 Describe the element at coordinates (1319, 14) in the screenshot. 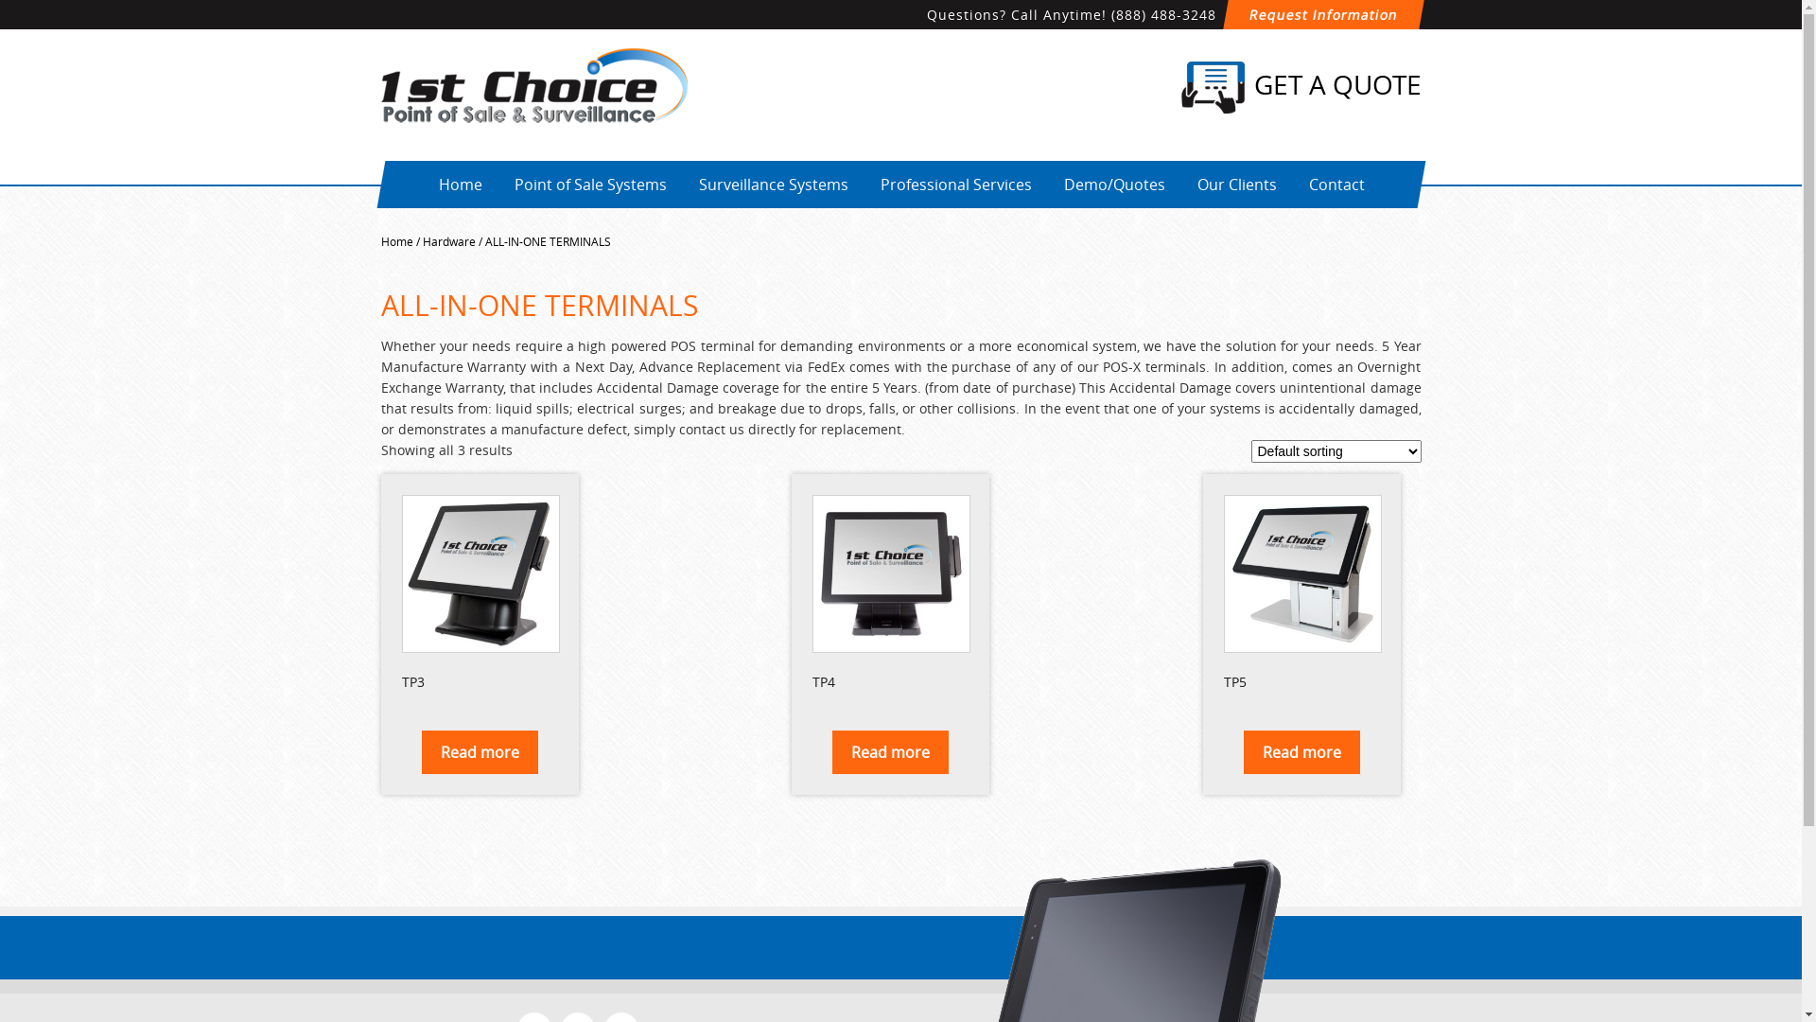

I see `'Request Information'` at that location.